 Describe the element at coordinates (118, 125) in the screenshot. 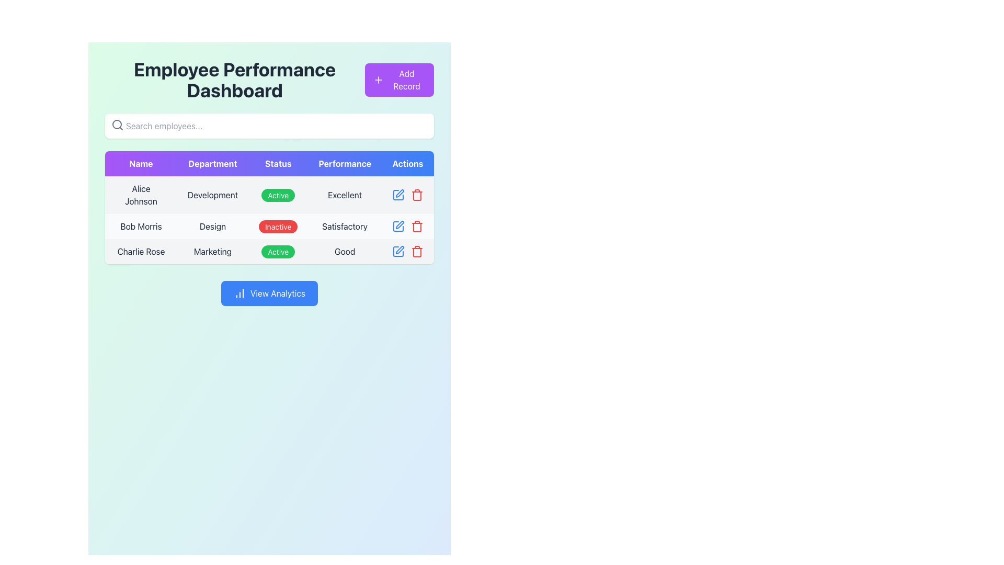

I see `the search icon located in the top-left corner of the 'Search employees...' text input field, which is part of the 'Employee Performance Dashboard' interface` at that location.